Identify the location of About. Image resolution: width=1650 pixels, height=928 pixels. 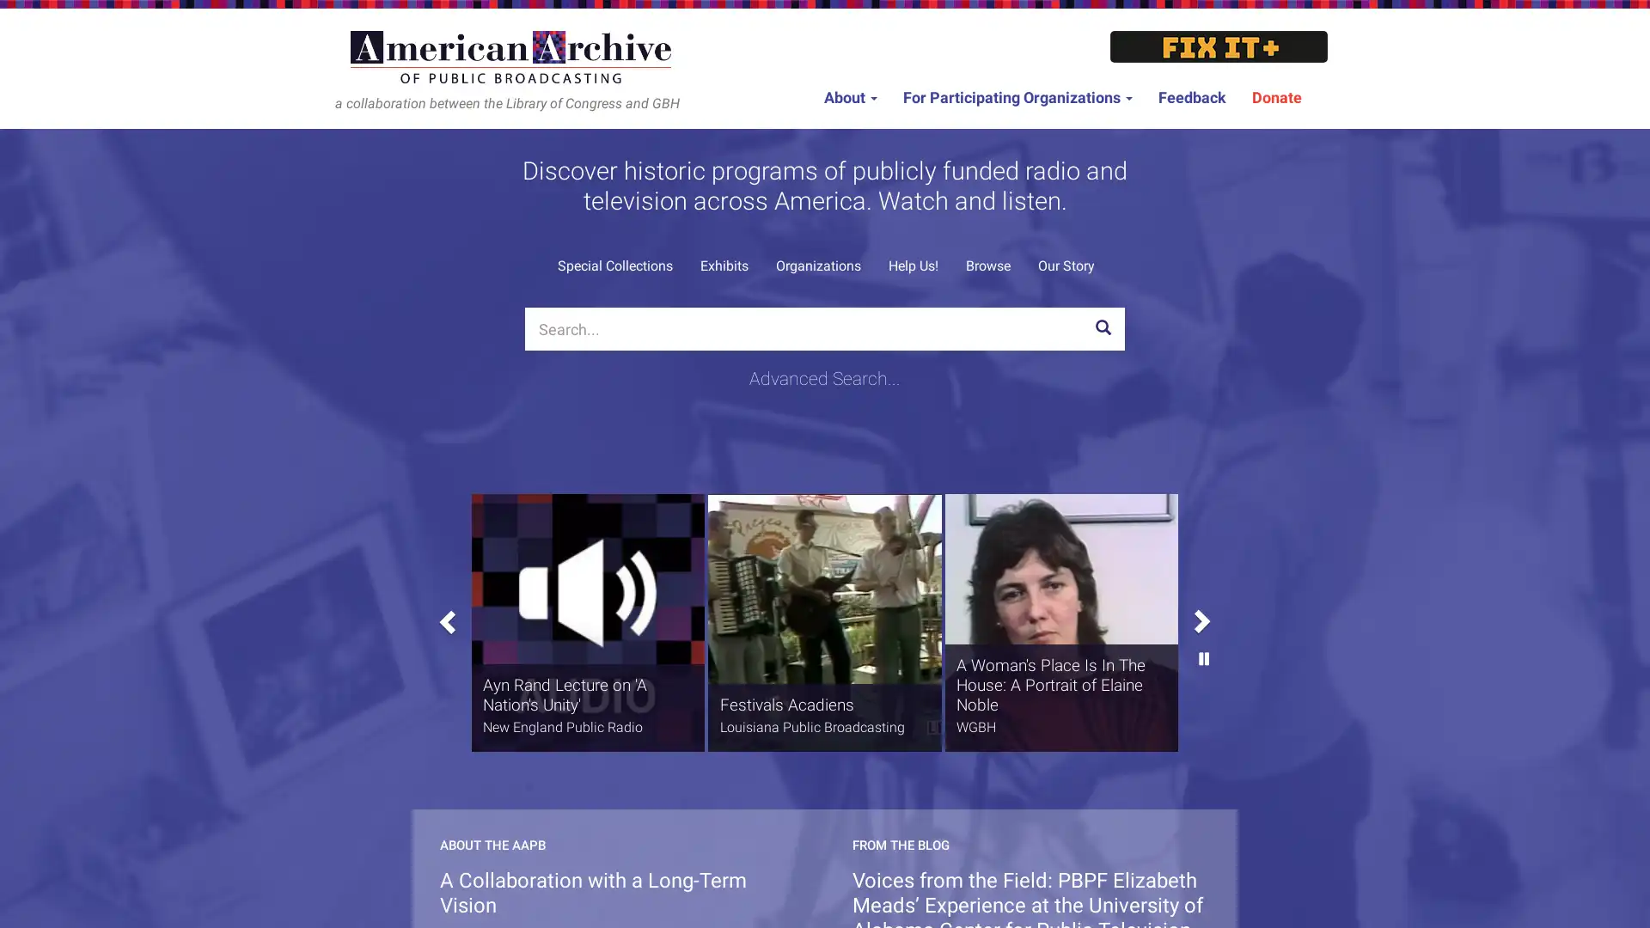
(850, 98).